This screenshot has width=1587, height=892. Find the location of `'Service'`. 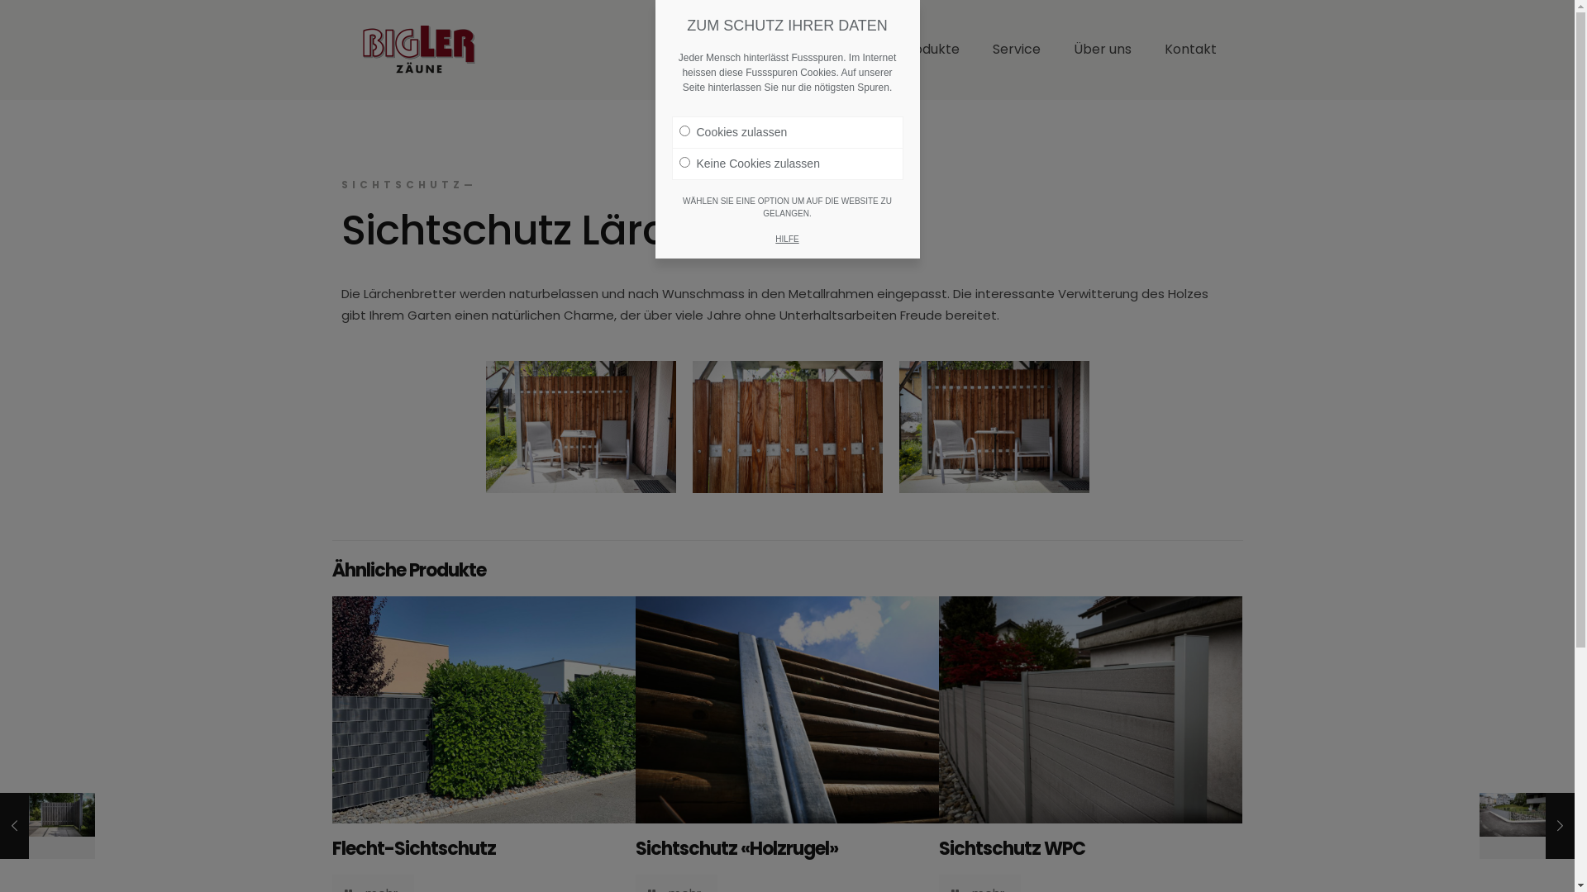

'Service' is located at coordinates (975, 49).